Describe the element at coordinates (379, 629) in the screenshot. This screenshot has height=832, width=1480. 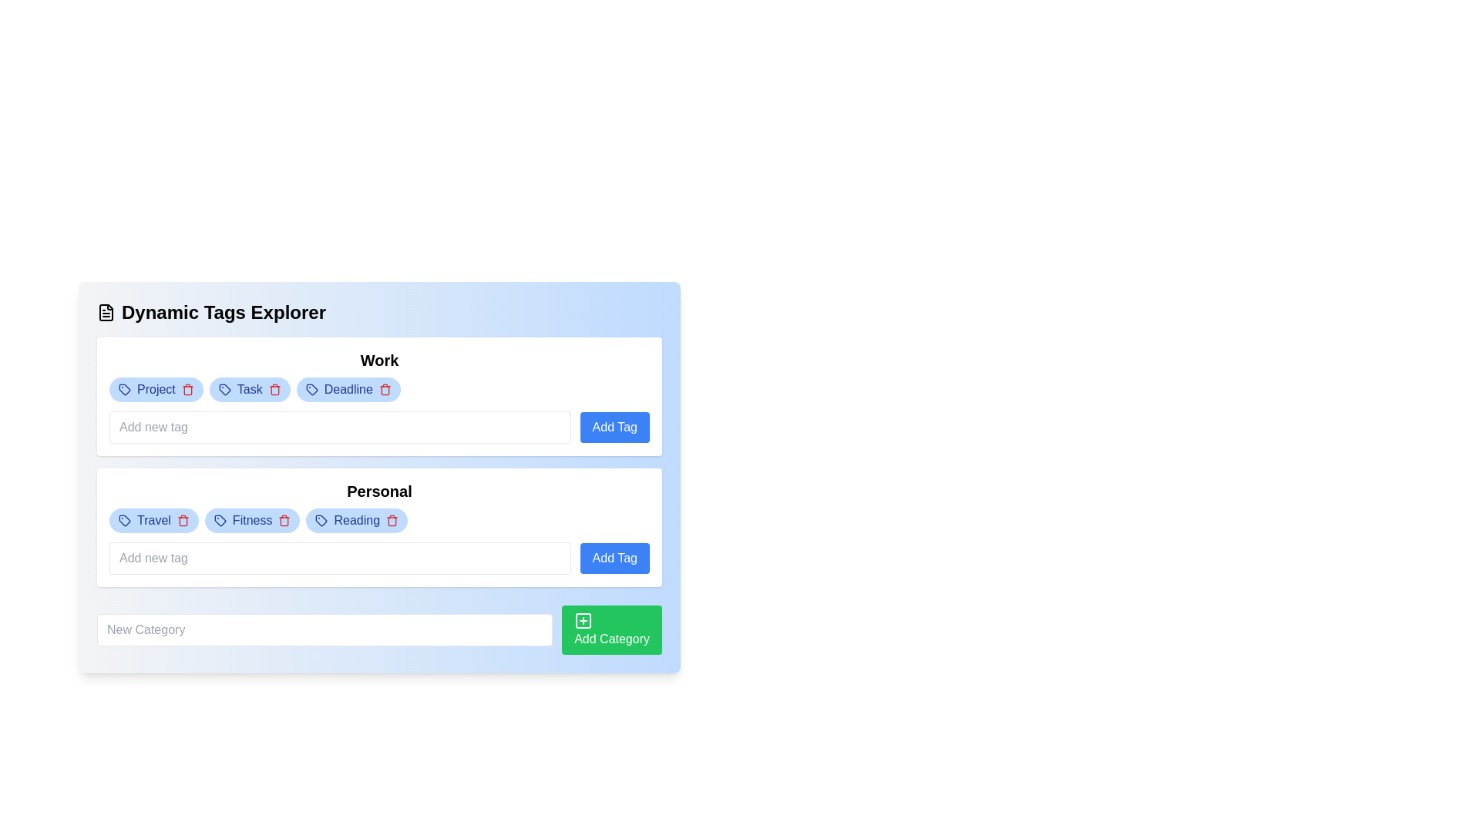
I see `the composite element containing the 'New Category' text input field and the 'Add Category' button` at that location.